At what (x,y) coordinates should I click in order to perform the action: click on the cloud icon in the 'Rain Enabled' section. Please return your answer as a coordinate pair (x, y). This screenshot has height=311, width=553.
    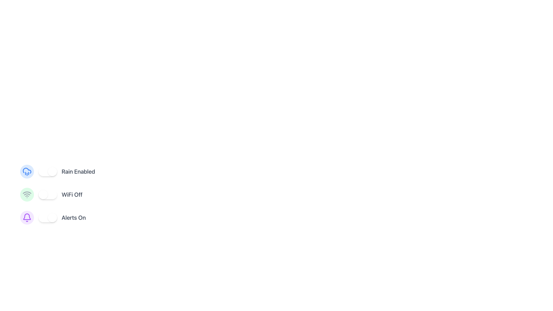
    Looking at the image, I should click on (27, 170).